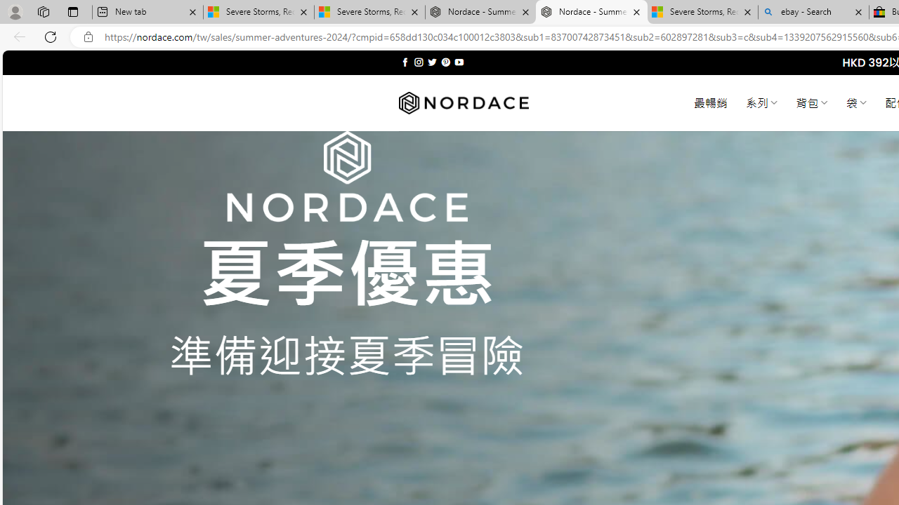 This screenshot has width=899, height=505. Describe the element at coordinates (459, 62) in the screenshot. I see `'Follow on YouTube'` at that location.